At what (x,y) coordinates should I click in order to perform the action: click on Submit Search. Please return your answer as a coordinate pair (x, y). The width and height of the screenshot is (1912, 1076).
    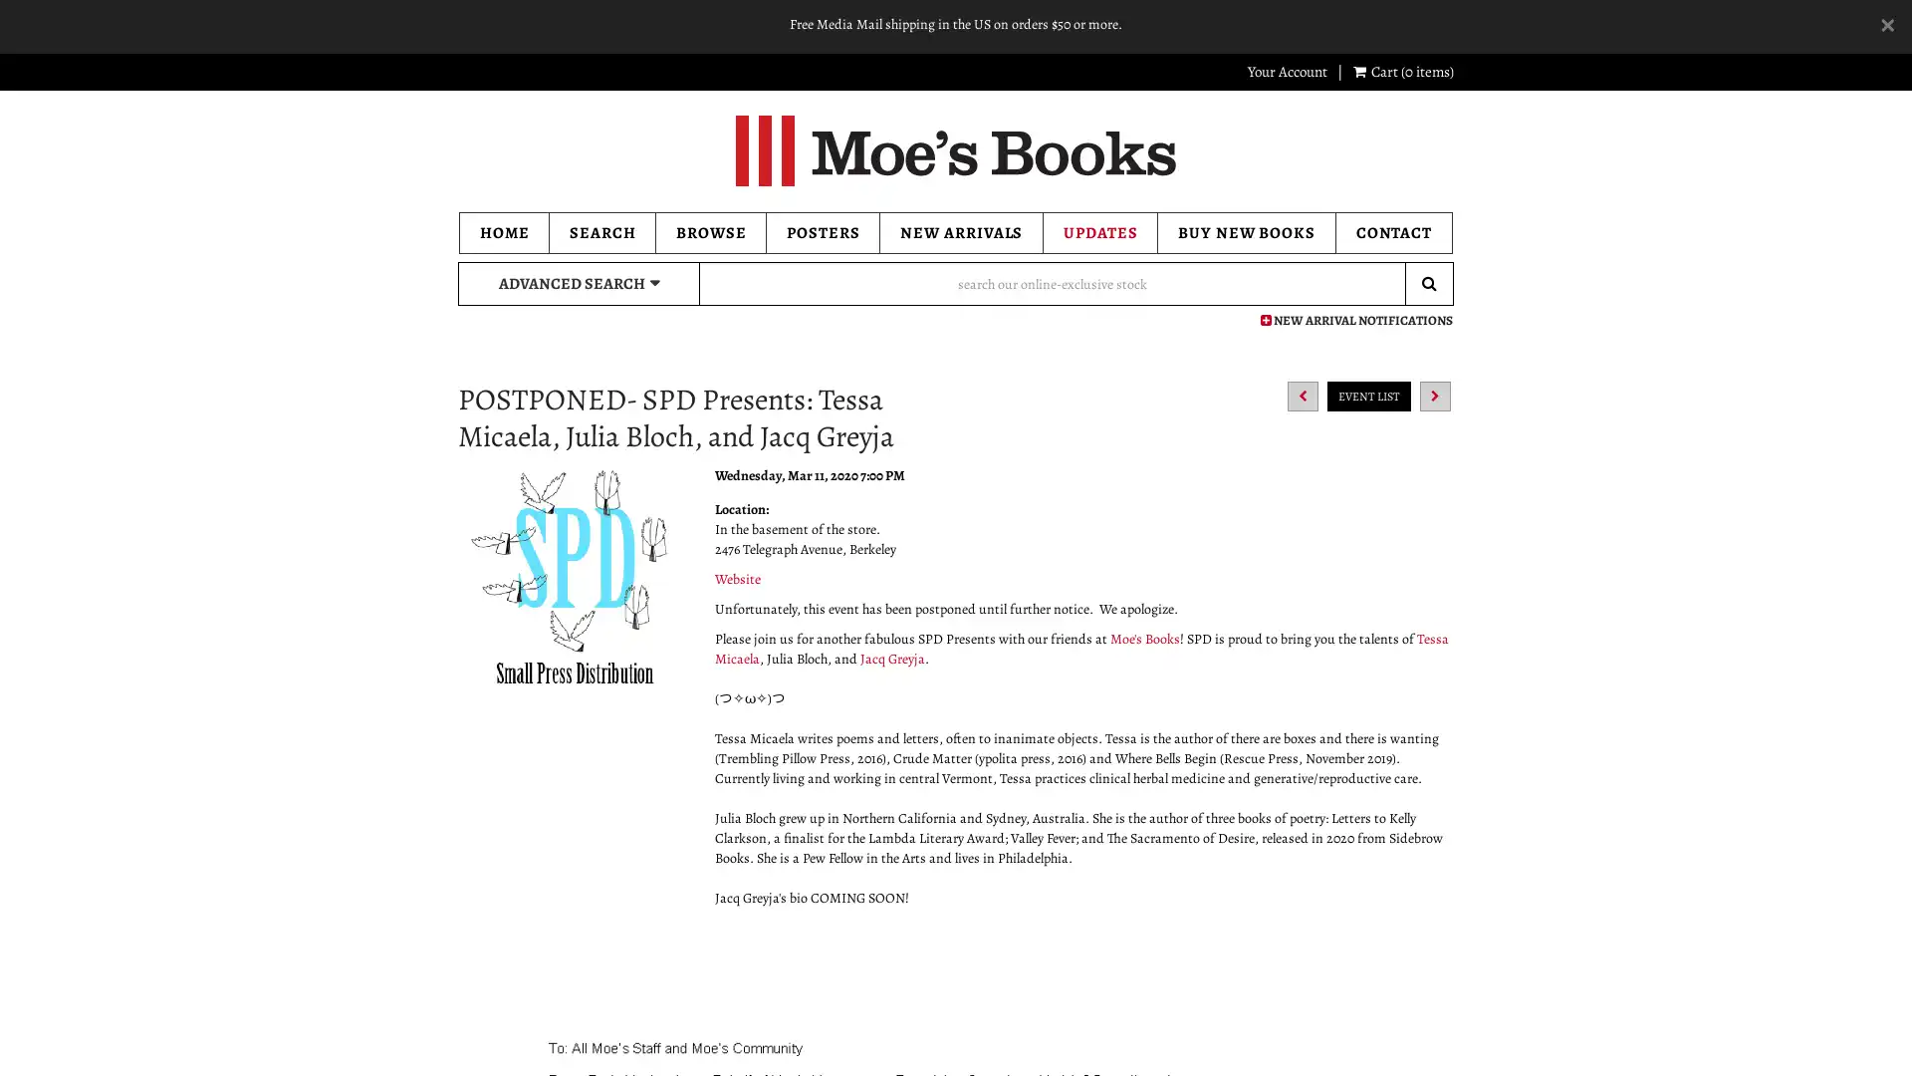
    Looking at the image, I should click on (1428, 284).